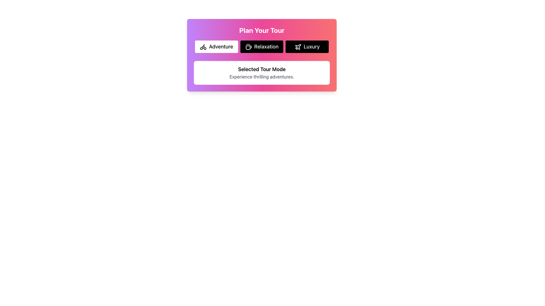 The image size is (545, 306). What do you see at coordinates (261, 30) in the screenshot?
I see `the text heading that introduces the section about planning a tour, located at the top of a card with a gradient background and rounded corners` at bounding box center [261, 30].